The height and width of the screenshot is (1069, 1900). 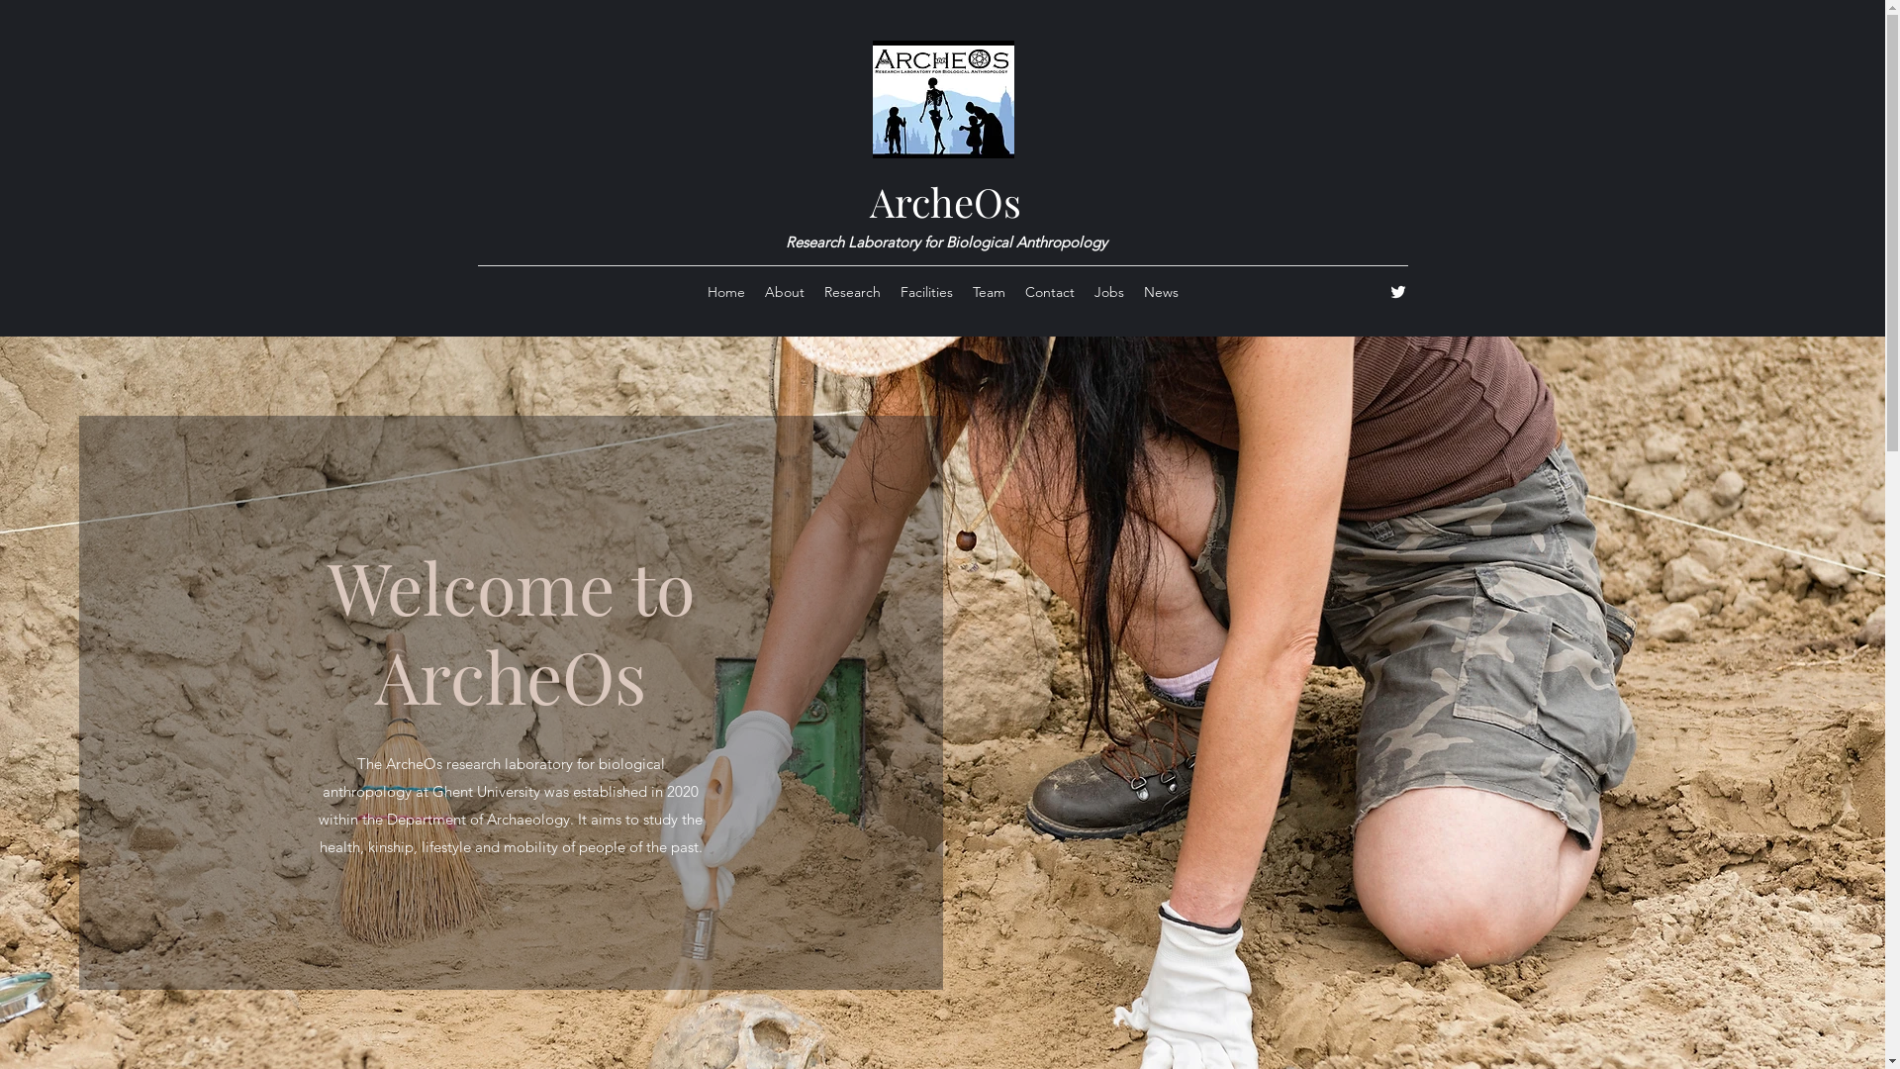 I want to click on 'Research', so click(x=851, y=291).